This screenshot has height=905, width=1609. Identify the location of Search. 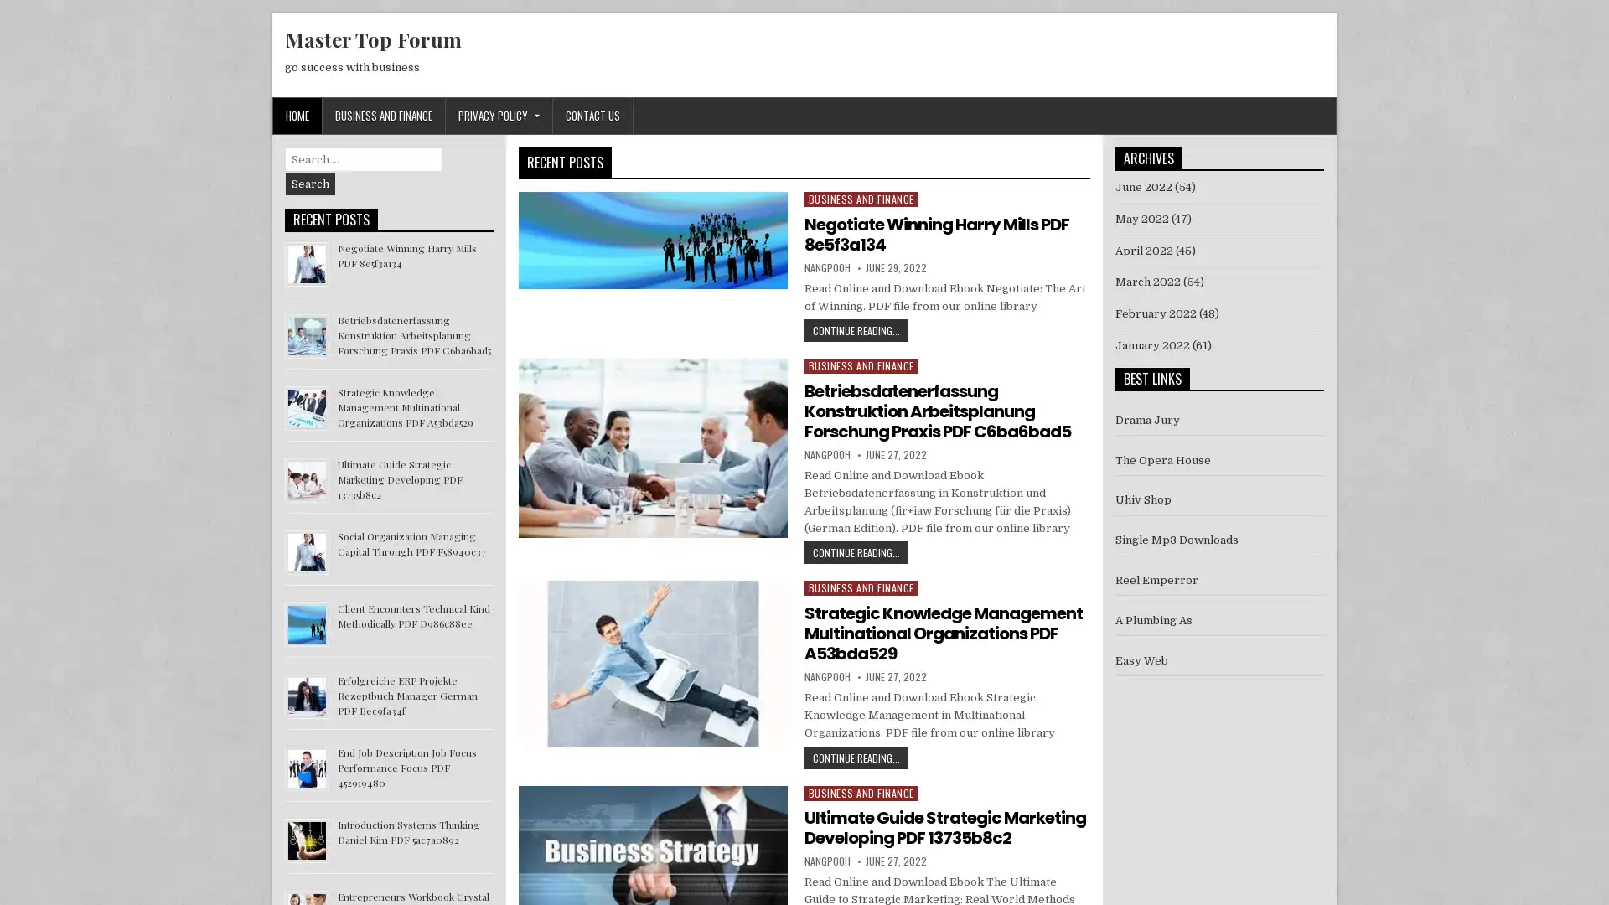
(310, 184).